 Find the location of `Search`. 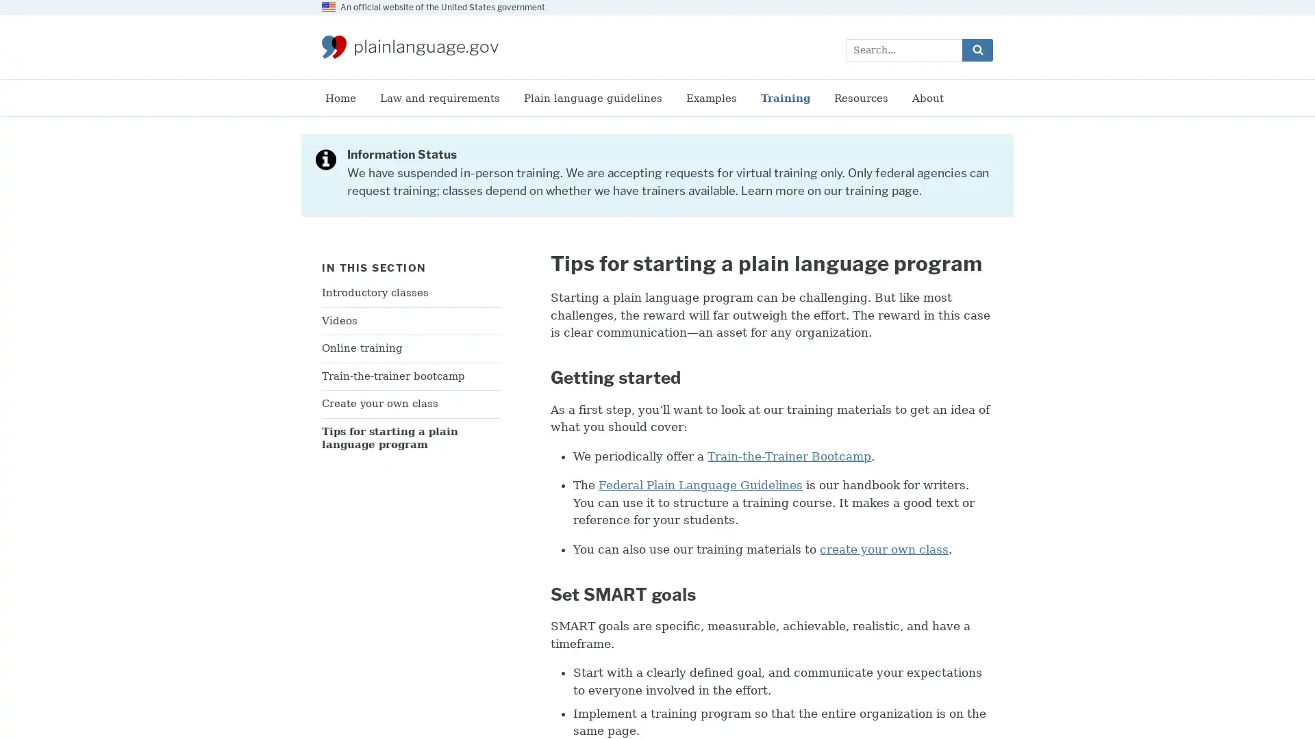

Search is located at coordinates (977, 49).